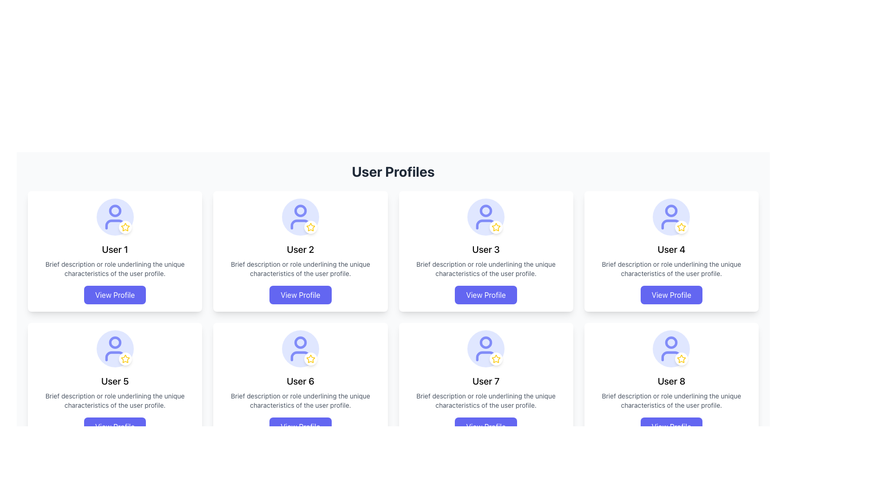 This screenshot has width=892, height=501. I want to click on the decorative badge indicating premium status for 'User 8' located at the bottom-right corner of the profile card, so click(682, 359).